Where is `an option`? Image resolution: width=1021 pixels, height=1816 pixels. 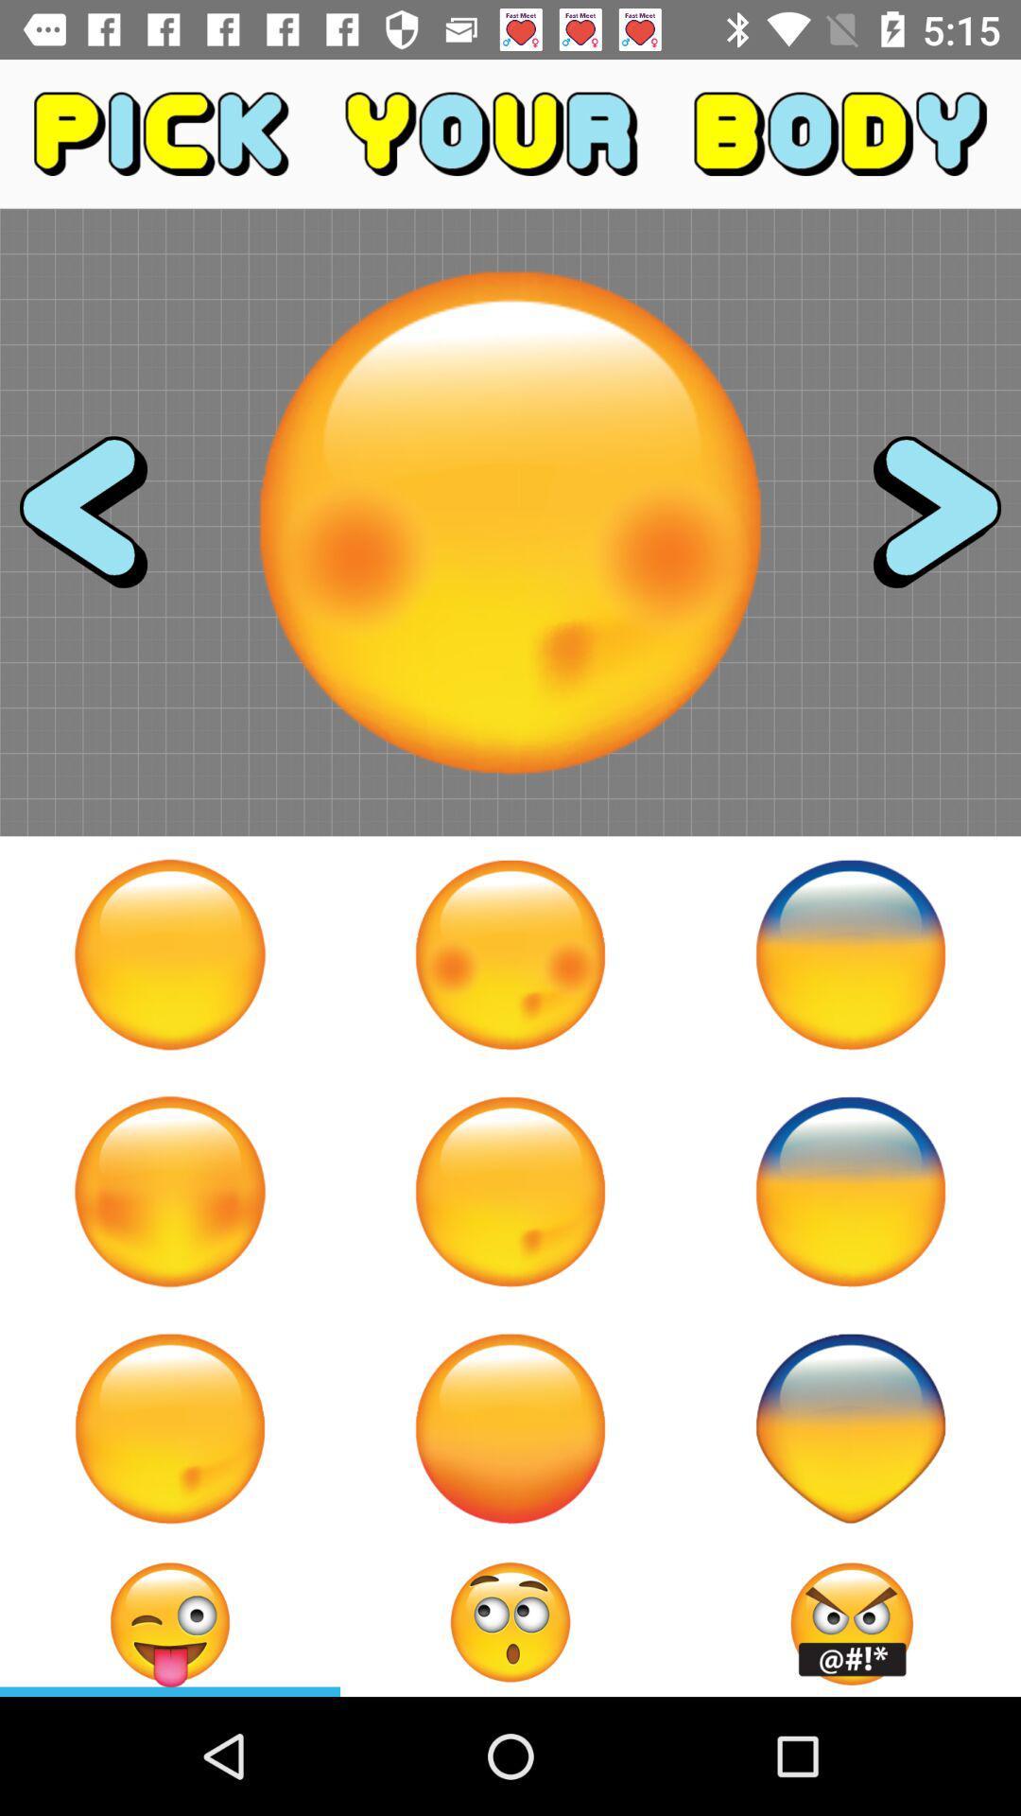
an option is located at coordinates (170, 954).